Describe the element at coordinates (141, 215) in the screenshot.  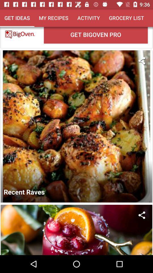
I see `share the image` at that location.